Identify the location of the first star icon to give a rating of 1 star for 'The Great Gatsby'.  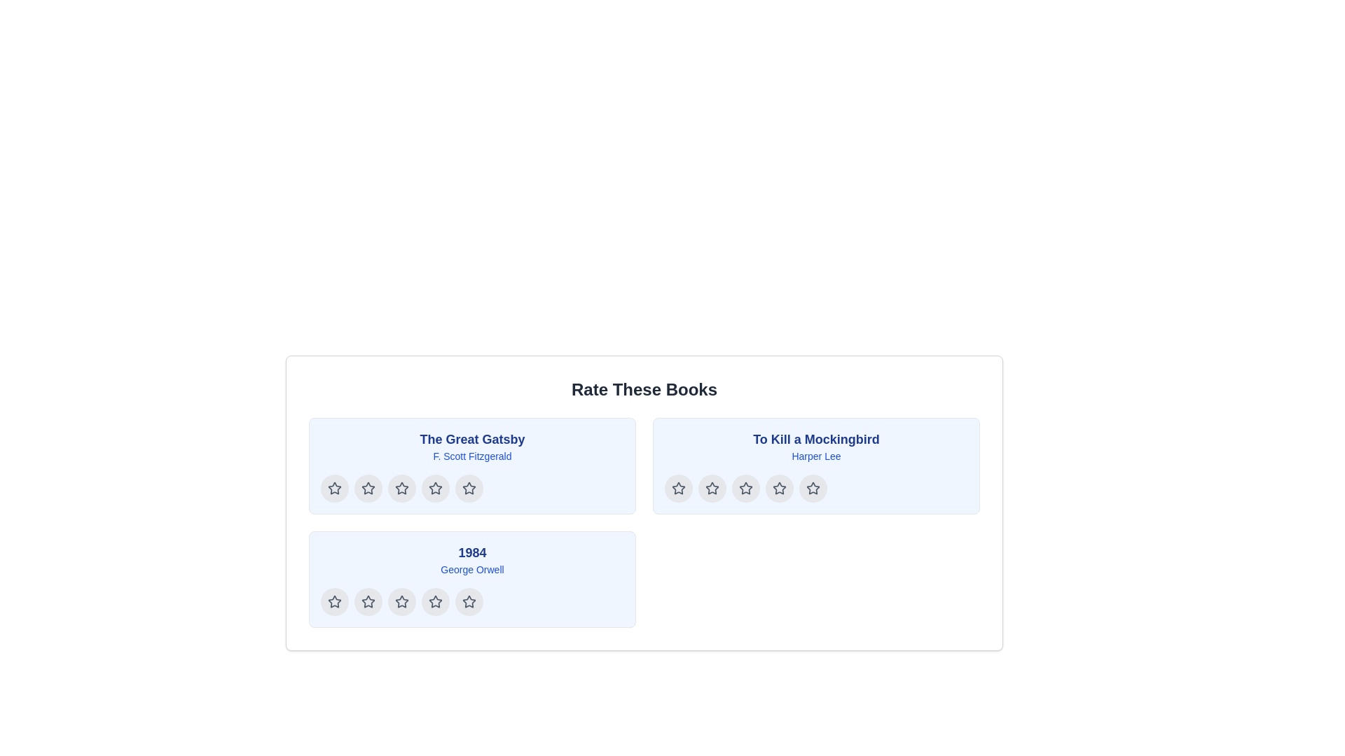
(368, 488).